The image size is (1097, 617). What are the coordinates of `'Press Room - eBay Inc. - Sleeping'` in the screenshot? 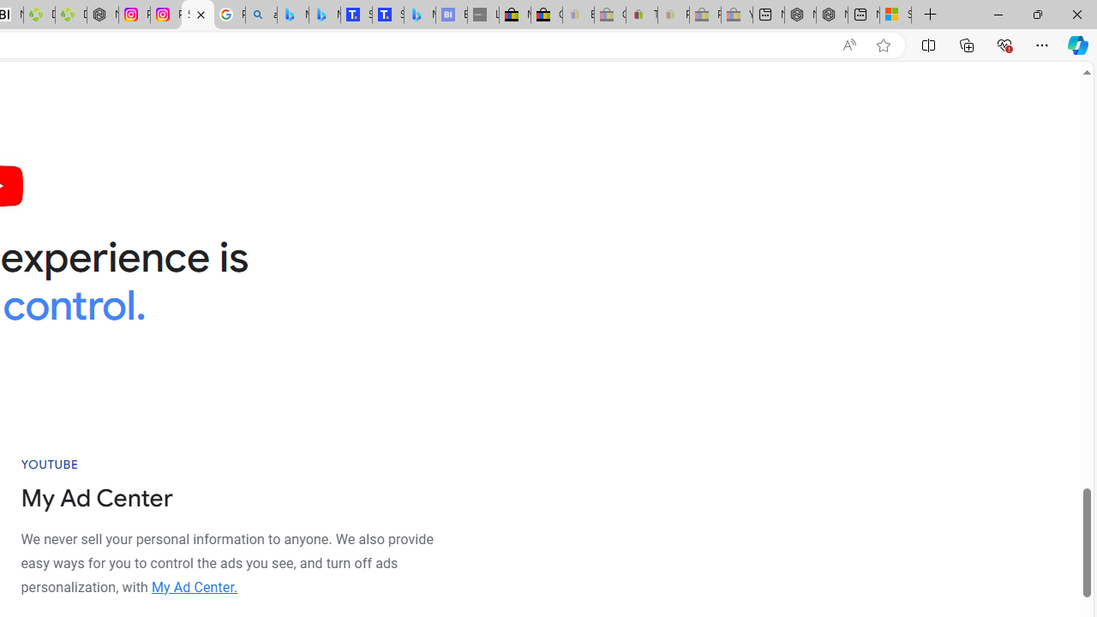 It's located at (705, 15).